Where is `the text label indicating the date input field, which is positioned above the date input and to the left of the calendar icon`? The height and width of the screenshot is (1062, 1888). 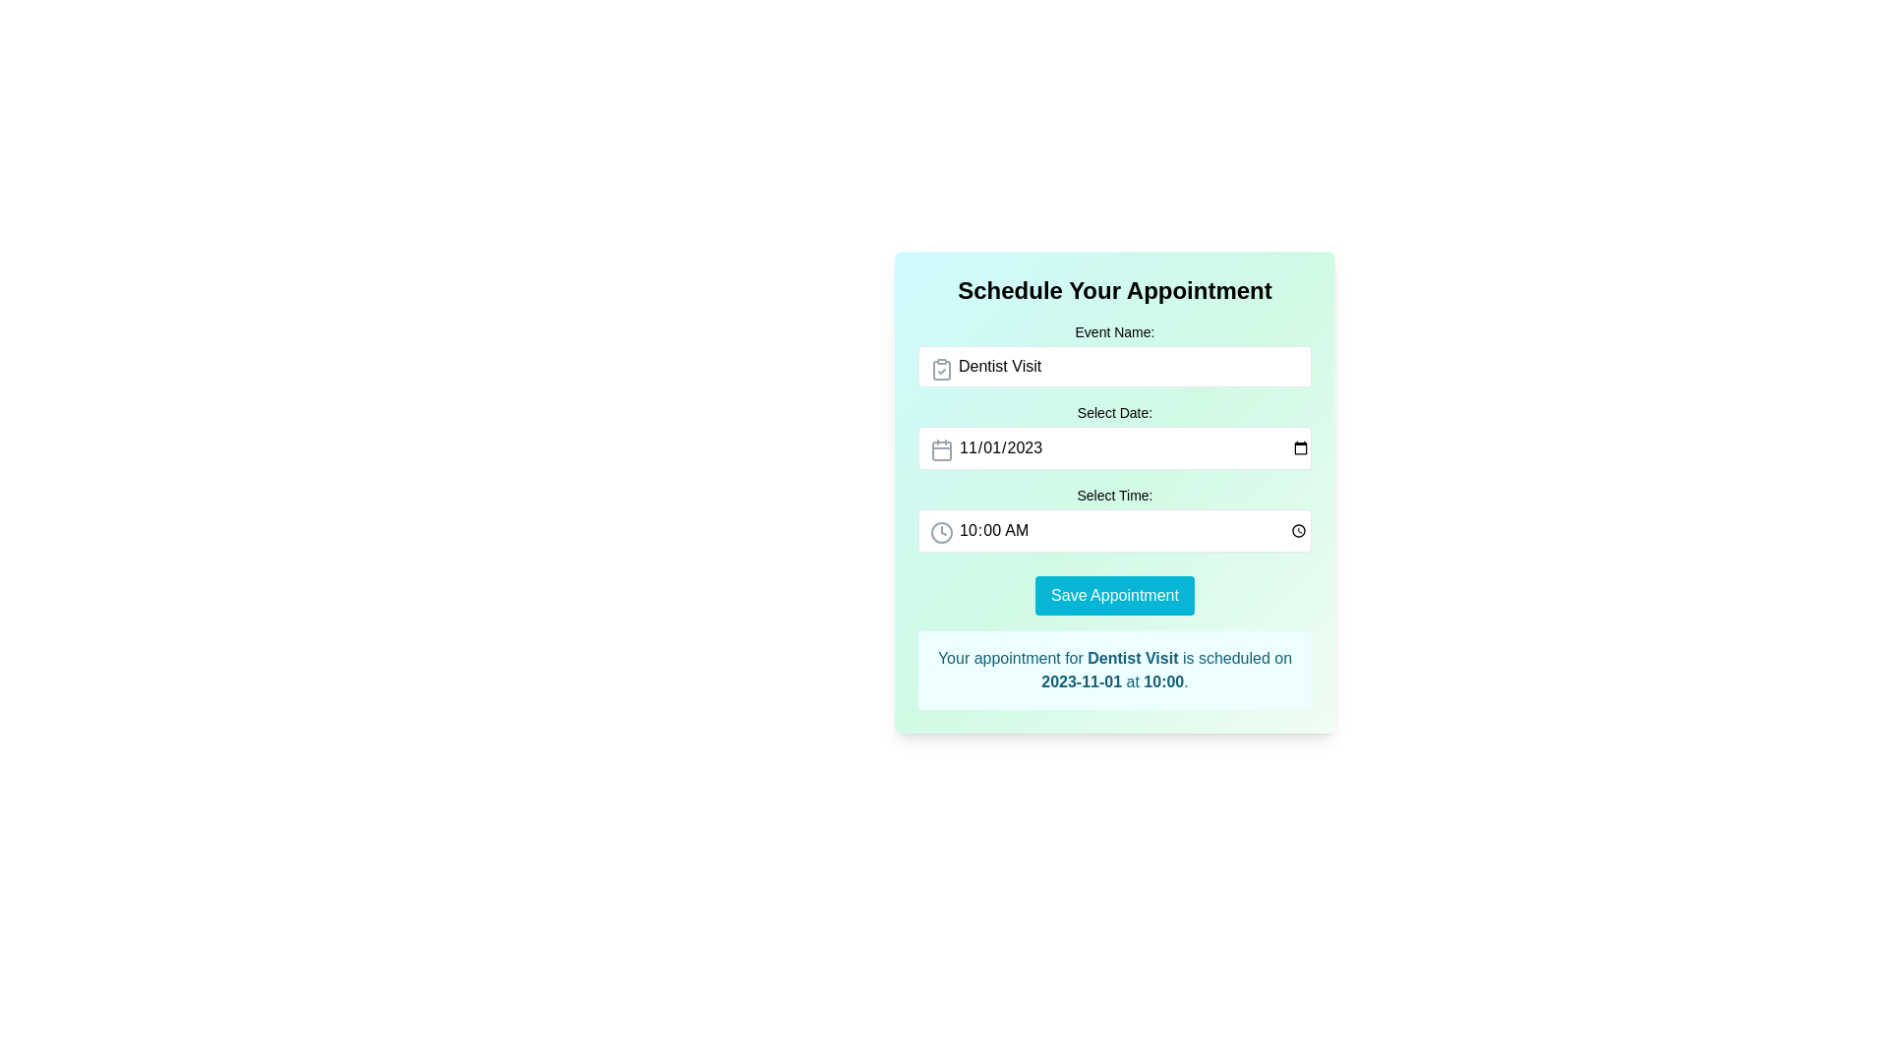 the text label indicating the date input field, which is positioned above the date input and to the left of the calendar icon is located at coordinates (1114, 412).